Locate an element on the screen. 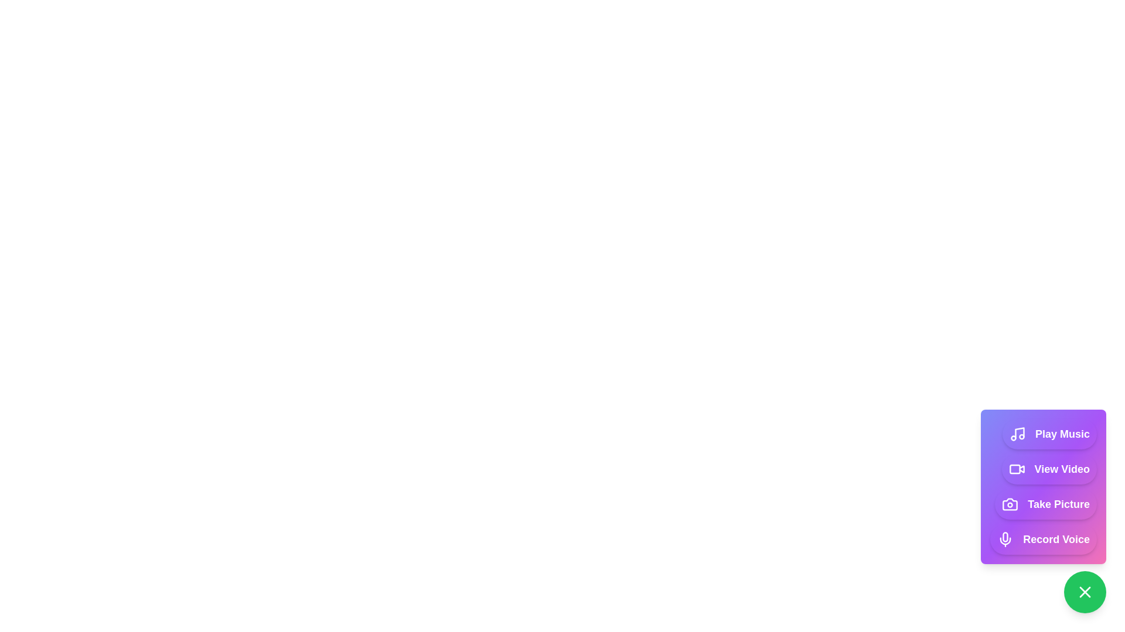  the View Video button to perform its action is located at coordinates (1049, 469).